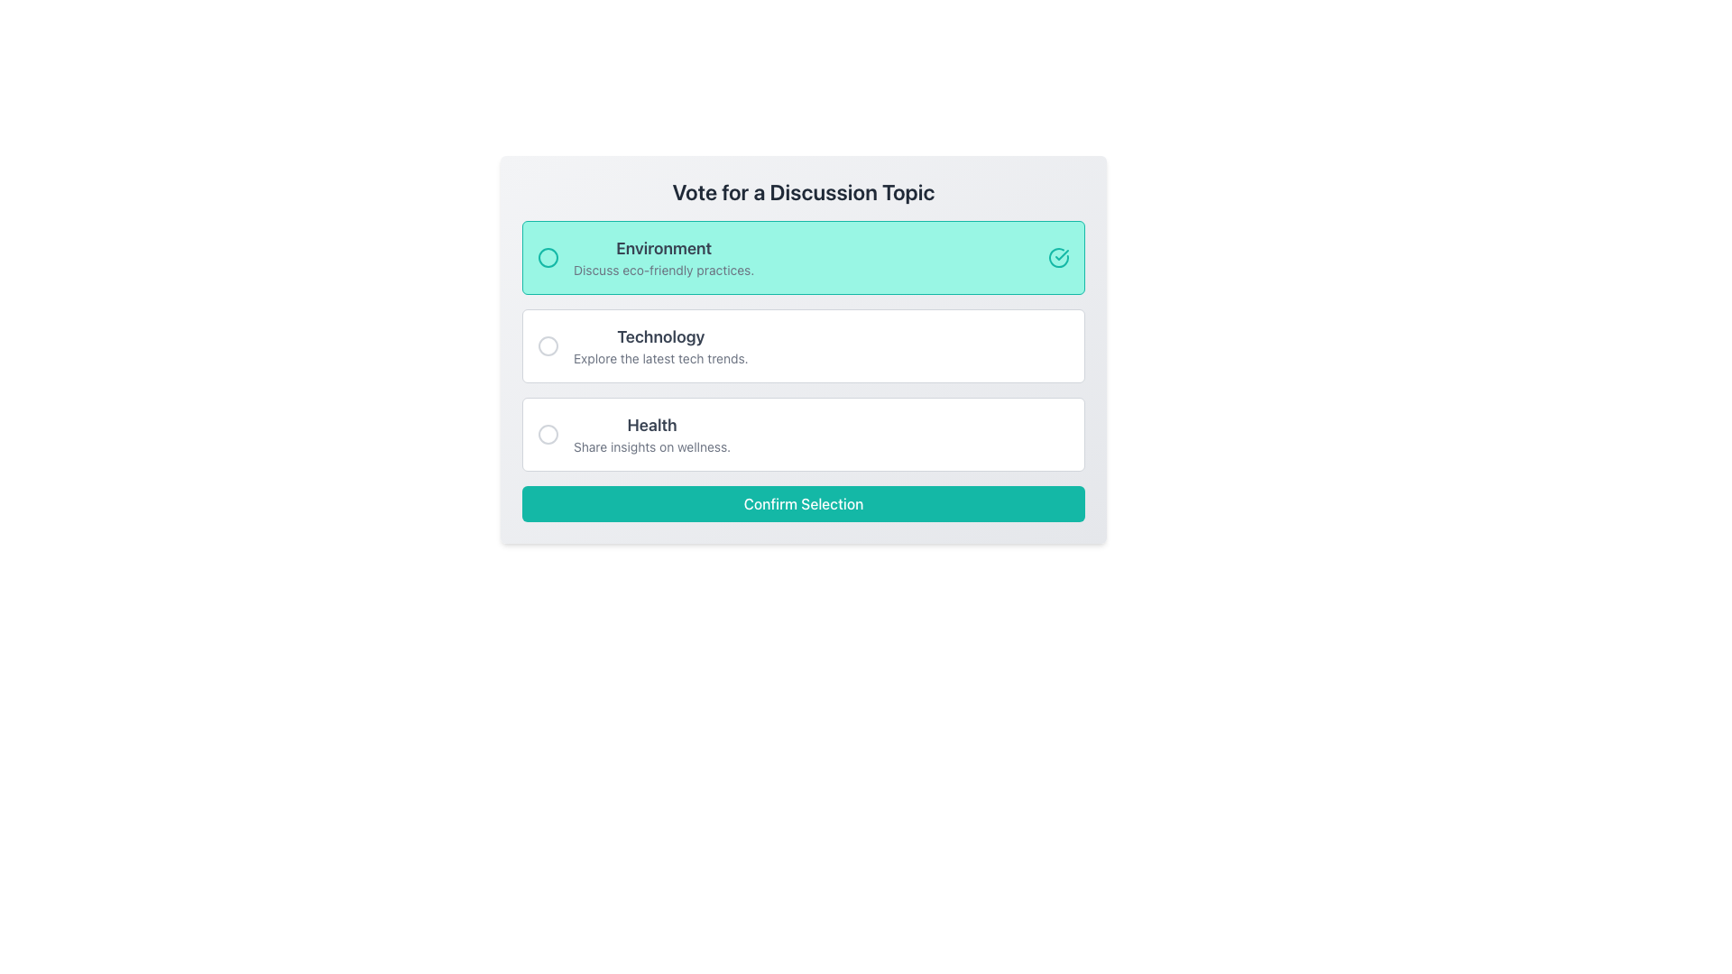 The width and height of the screenshot is (1732, 974). Describe the element at coordinates (659, 358) in the screenshot. I see `the text label that provides descriptive information related to the 'Technology' option, positioned below the 'Technology' header and above the 'Health' section` at that location.